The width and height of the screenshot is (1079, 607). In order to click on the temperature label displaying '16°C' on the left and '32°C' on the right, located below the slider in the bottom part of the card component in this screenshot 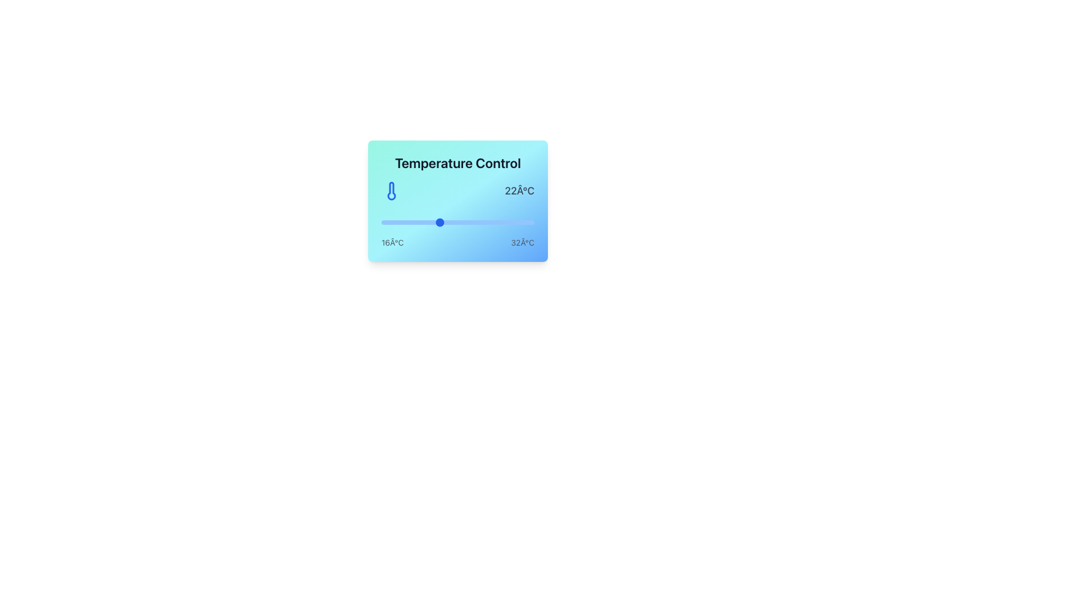, I will do `click(458, 242)`.